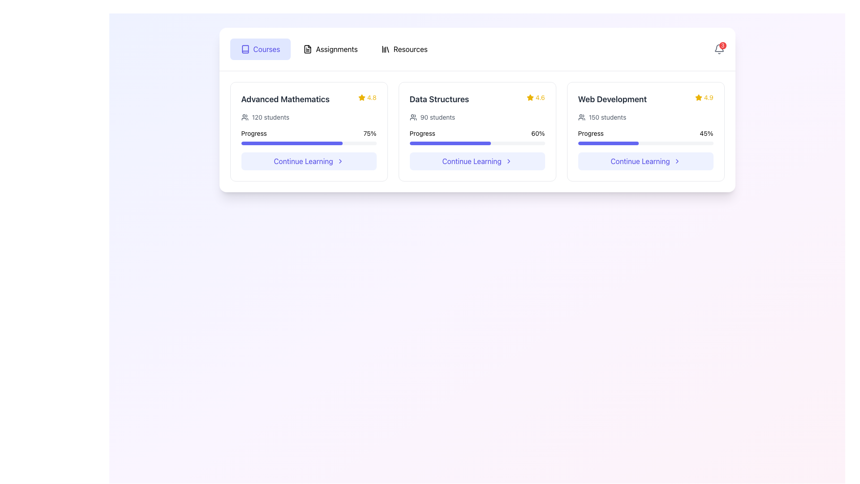 The image size is (860, 484). I want to click on the course title and rating label, which is the first element in the card layout displaying course details, so click(309, 99).